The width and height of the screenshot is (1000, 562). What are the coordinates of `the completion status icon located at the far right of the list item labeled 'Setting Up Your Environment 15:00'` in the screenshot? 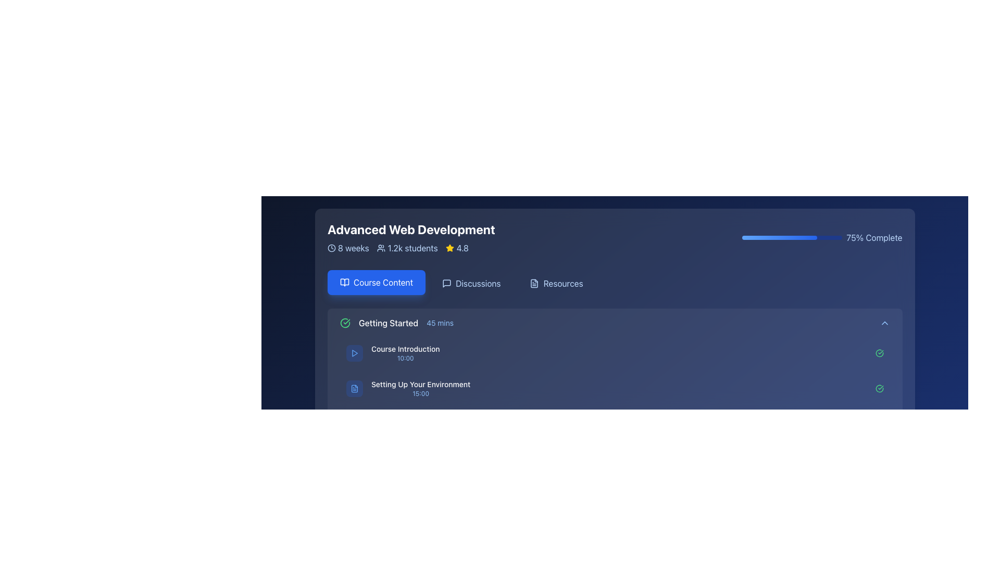 It's located at (879, 389).